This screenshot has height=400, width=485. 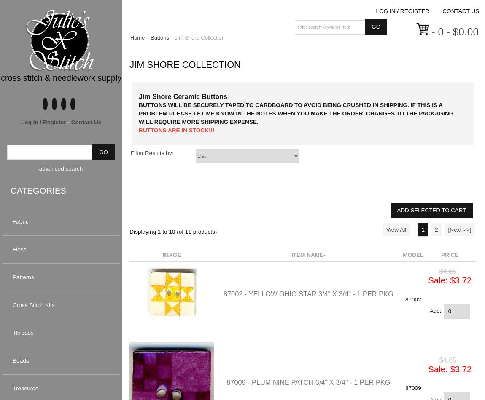 What do you see at coordinates (307, 255) in the screenshot?
I see `'Item Name-'` at bounding box center [307, 255].